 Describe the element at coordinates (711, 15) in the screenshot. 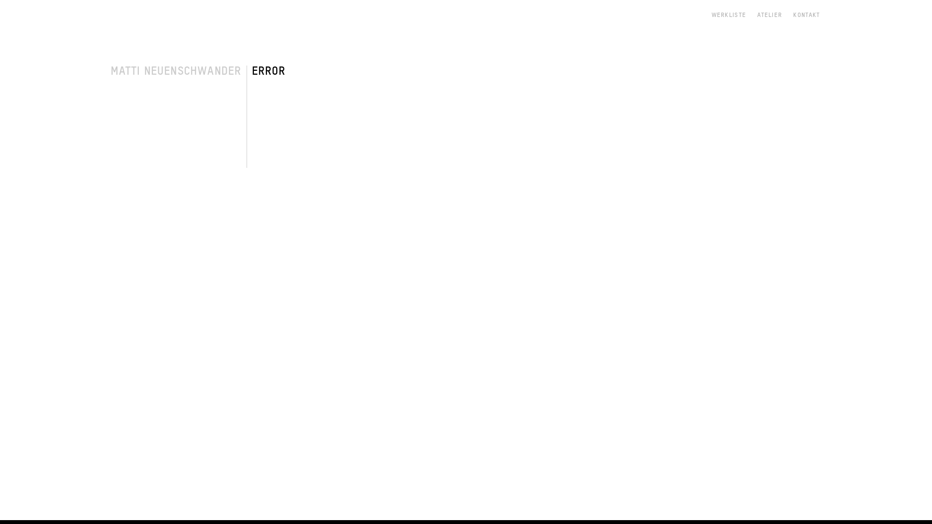

I see `'WERKLISTE'` at that location.